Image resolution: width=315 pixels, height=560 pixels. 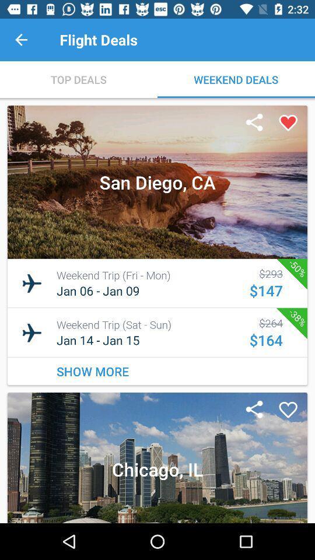 I want to click on heart like button, so click(x=288, y=123).